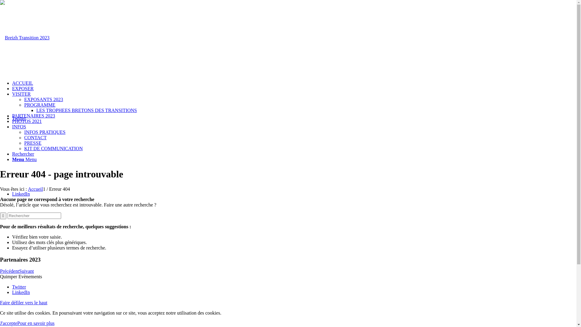 Image resolution: width=581 pixels, height=327 pixels. I want to click on 'PROGRAMME', so click(39, 104).